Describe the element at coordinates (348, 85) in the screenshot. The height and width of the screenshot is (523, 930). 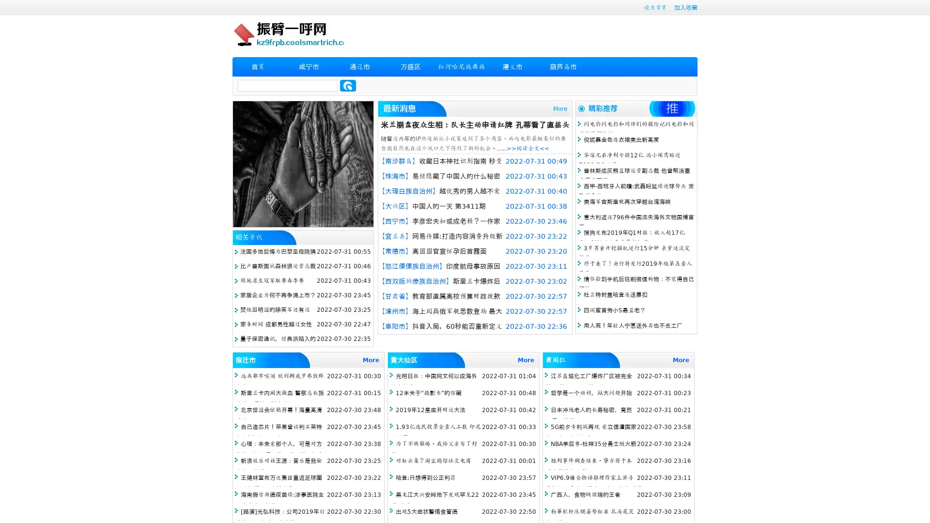
I see `Search` at that location.